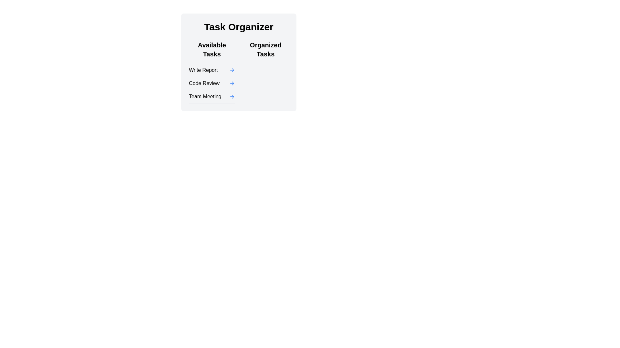  Describe the element at coordinates (265, 49) in the screenshot. I see `text content of the Text Label located in the upper-right region of the layout, adjacent to the task list` at that location.